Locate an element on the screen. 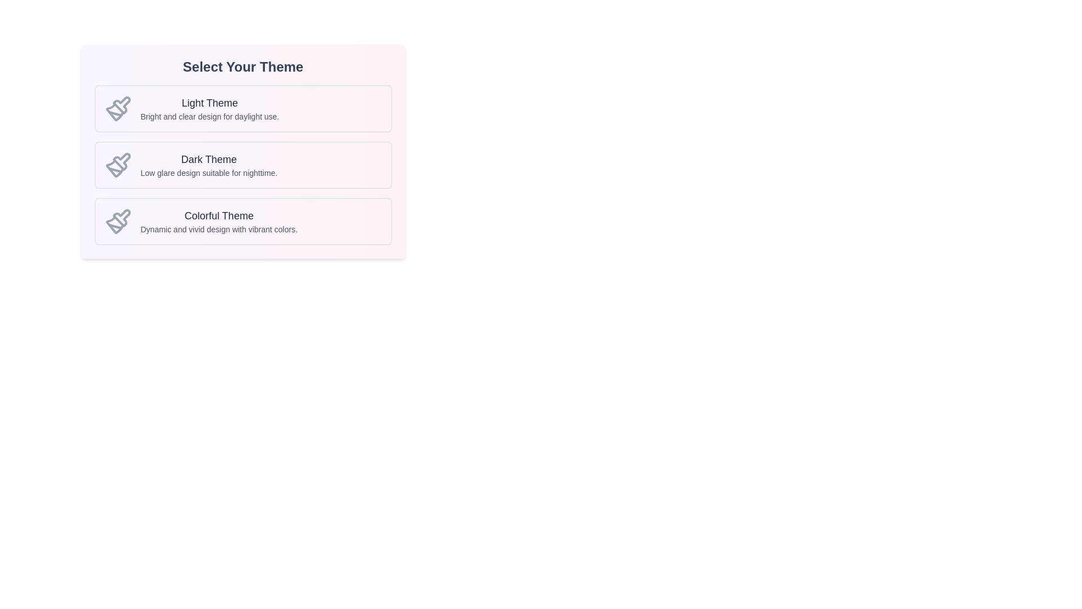 The image size is (1082, 609). the 'Colorful Theme' icon which represents the theme selection options, located at the bottommost row among its siblings is located at coordinates (115, 226).